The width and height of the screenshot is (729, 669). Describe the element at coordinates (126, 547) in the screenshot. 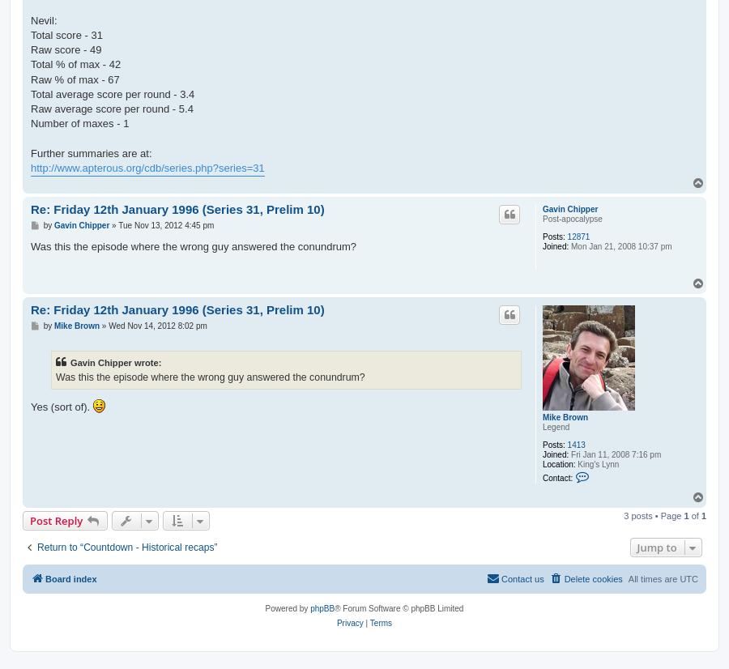

I see `'Return to “Countdown - Historical recaps”'` at that location.